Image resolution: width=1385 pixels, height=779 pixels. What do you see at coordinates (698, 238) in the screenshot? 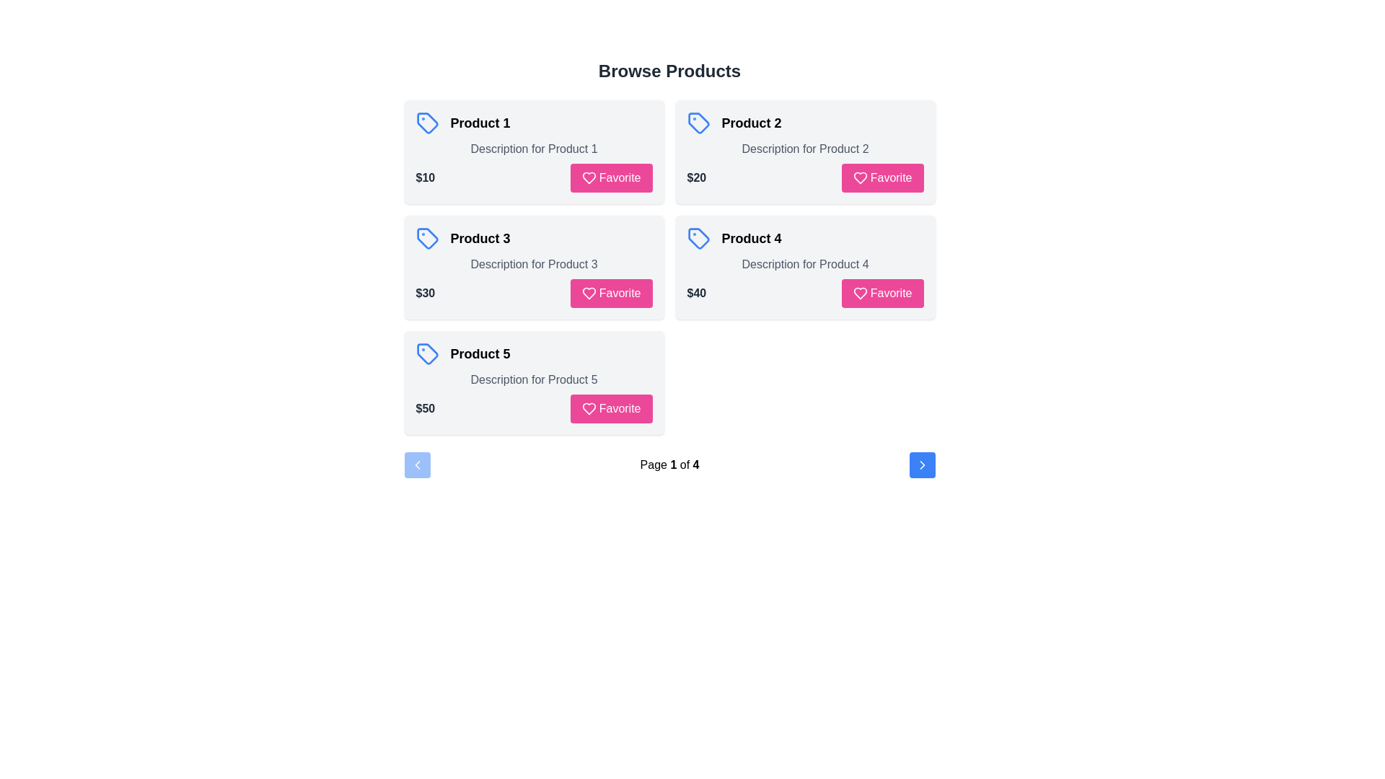
I see `the blue tag-like icon located in the upper-left corner of the 'Product 4' card, which serves as a decorative marker` at bounding box center [698, 238].